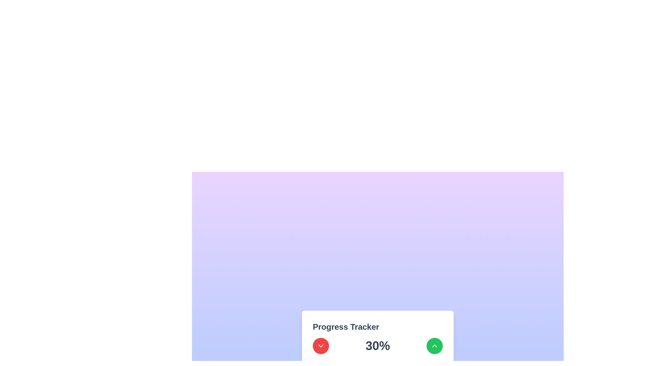 The width and height of the screenshot is (650, 366). Describe the element at coordinates (321, 346) in the screenshot. I see `the red circular button with white text and a downward chevron icon` at that location.